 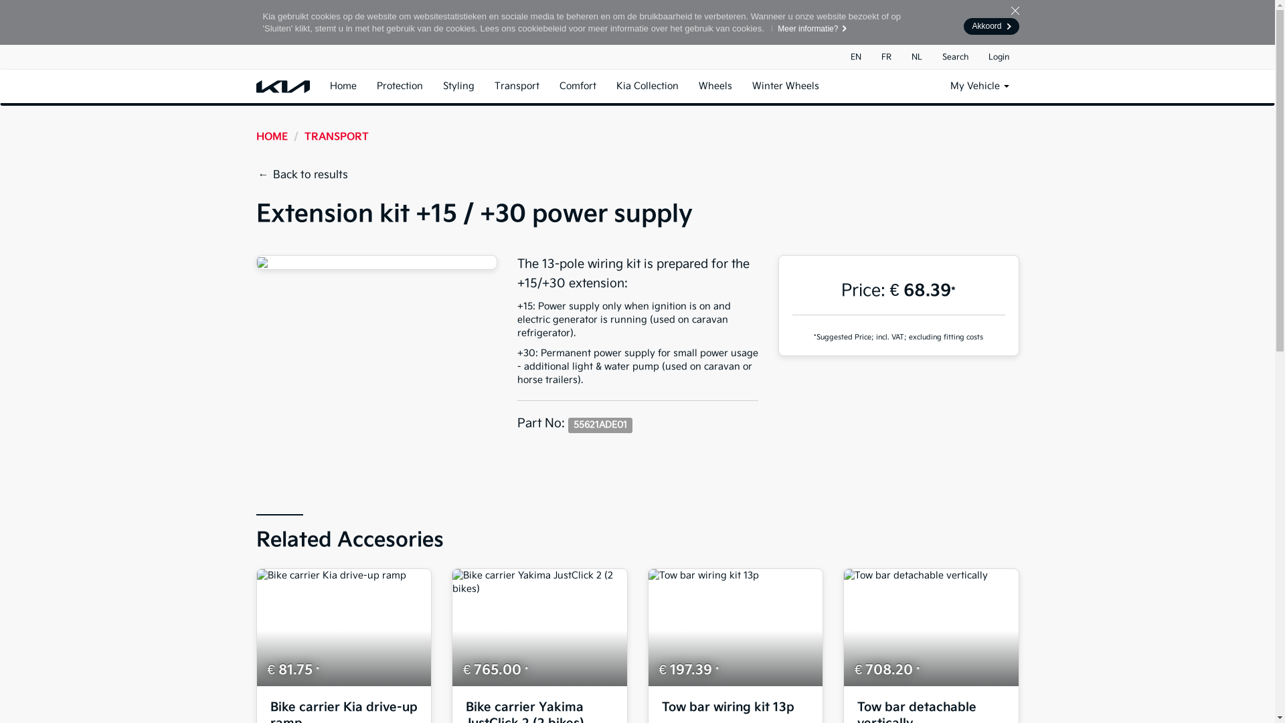 I want to click on 'Meer informatie?', so click(x=805, y=28).